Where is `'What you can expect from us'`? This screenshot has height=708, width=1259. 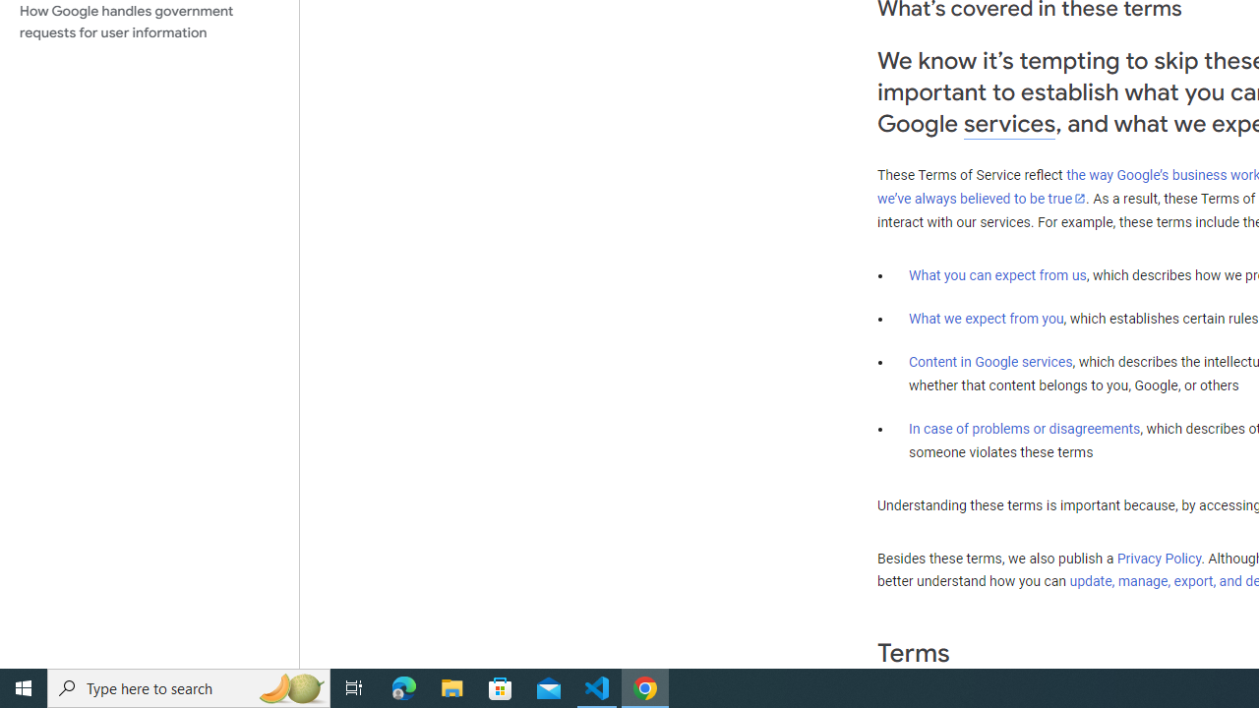 'What you can expect from us' is located at coordinates (997, 274).